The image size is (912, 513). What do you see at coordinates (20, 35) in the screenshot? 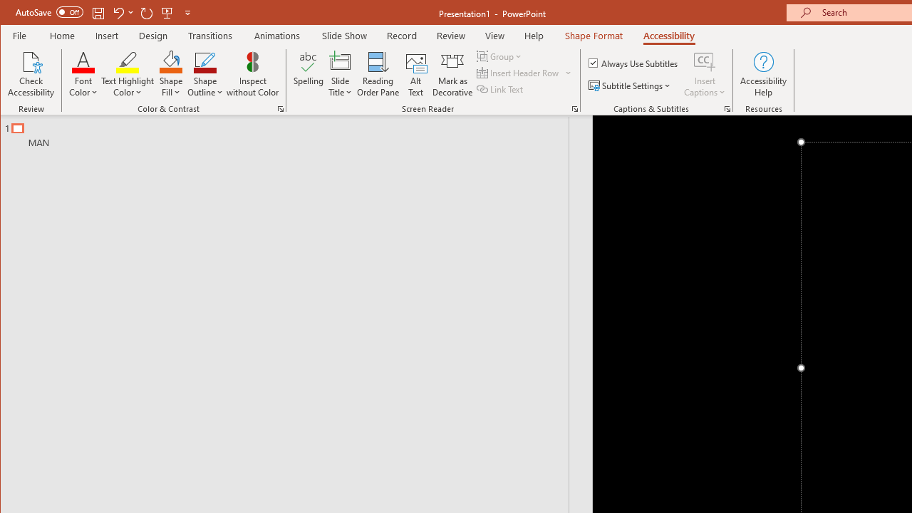
I see `'File Tab'` at bounding box center [20, 35].